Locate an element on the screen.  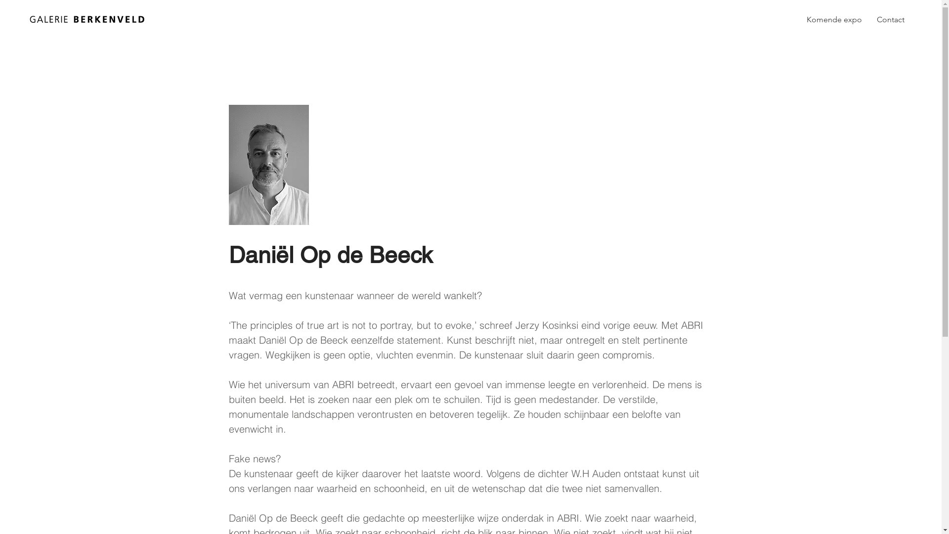
'Contact' is located at coordinates (890, 19).